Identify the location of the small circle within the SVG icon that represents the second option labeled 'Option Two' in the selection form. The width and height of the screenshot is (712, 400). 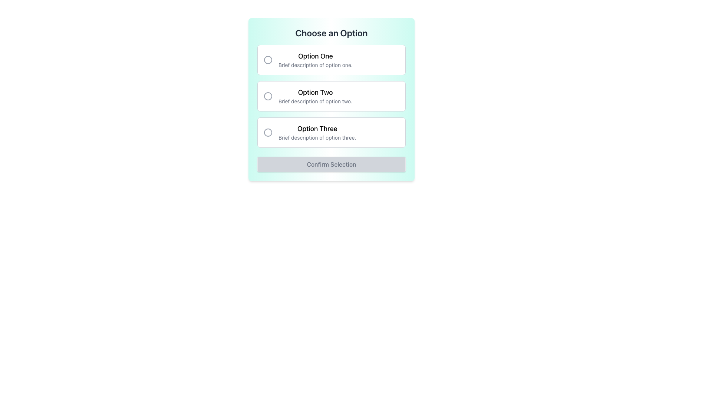
(268, 96).